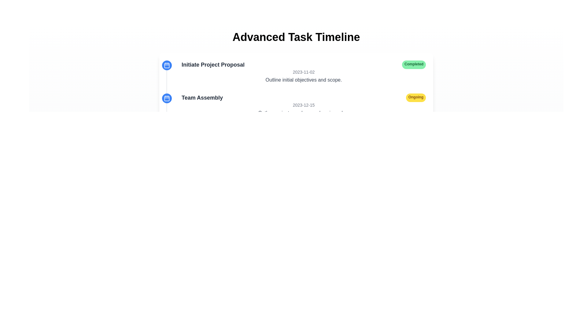  I want to click on the rounded rectangle element that is part of a calendar icon, located to the left of the 'Initiate Project Proposal' text, so click(167, 65).